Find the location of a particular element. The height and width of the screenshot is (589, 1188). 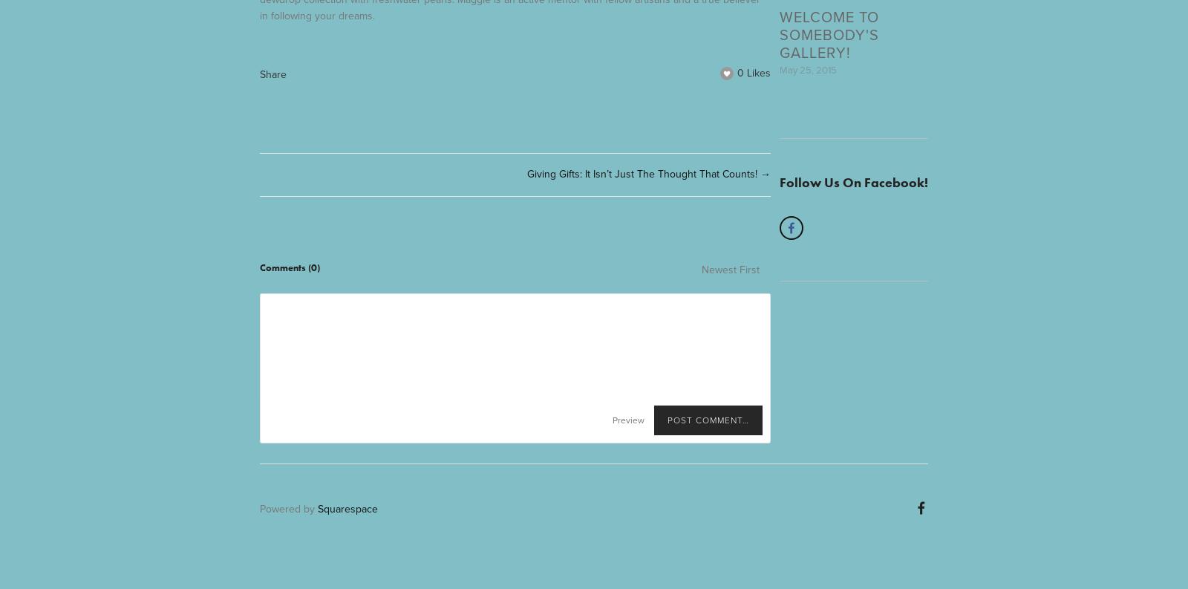

'Follow Us On Facebook!' is located at coordinates (779, 181).